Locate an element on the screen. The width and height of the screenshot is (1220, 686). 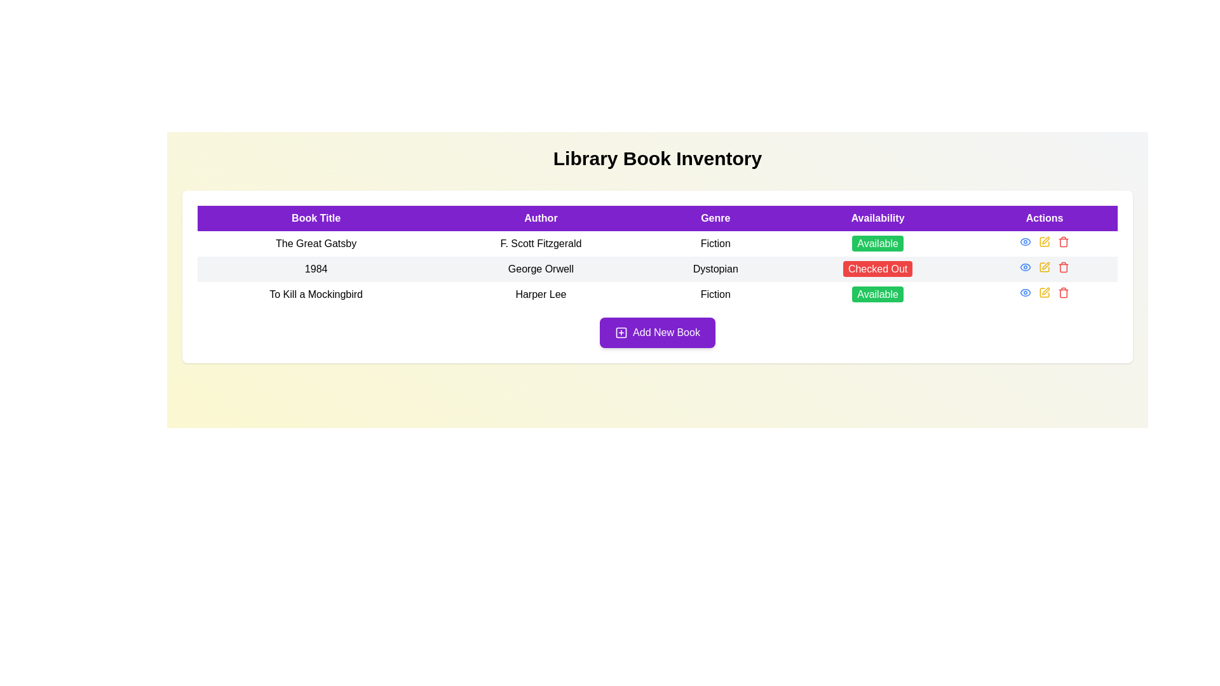
the green 'Available' button in the 'Availability' column of the first row in the 'Library Book Inventory' interface for the book 'The Great Gatsby' is located at coordinates (877, 244).